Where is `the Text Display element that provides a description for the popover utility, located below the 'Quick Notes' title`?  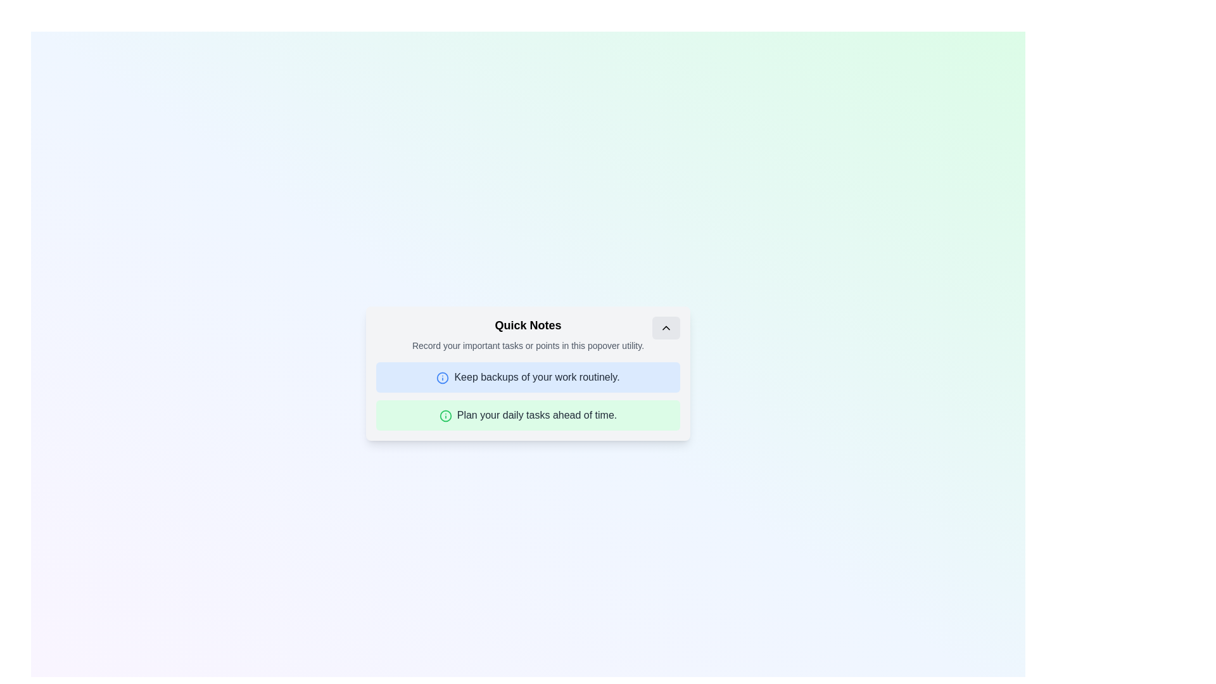 the Text Display element that provides a description for the popover utility, located below the 'Quick Notes' title is located at coordinates (528, 346).